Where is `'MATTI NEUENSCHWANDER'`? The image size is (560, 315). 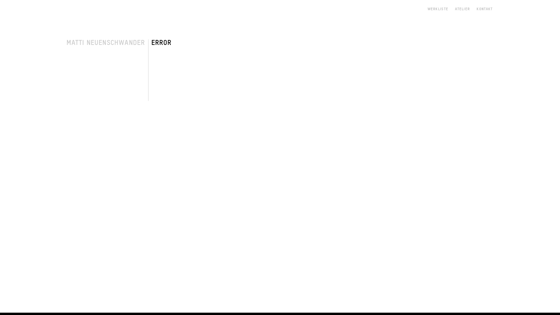 'MATTI NEUENSCHWANDER' is located at coordinates (66, 42).